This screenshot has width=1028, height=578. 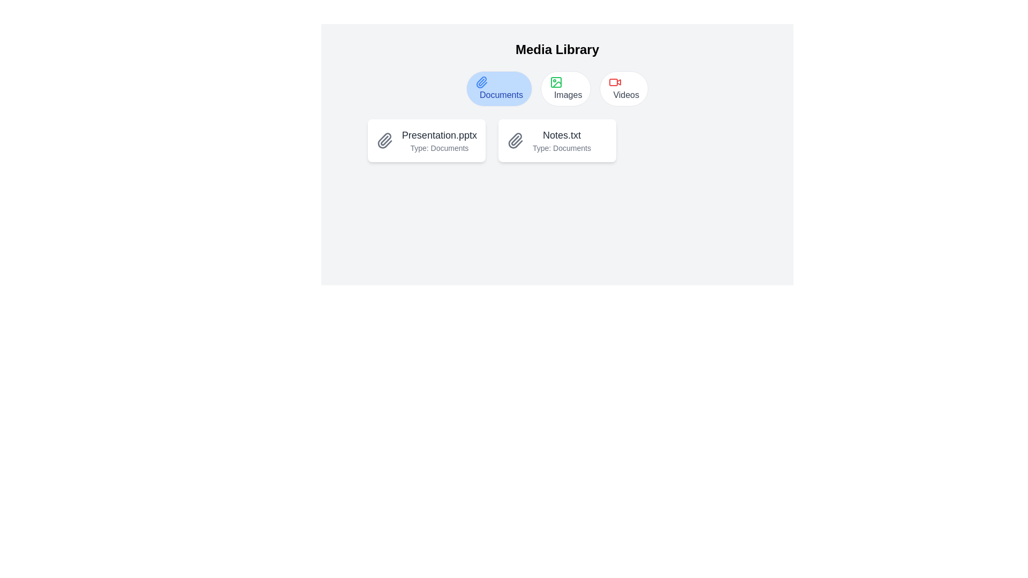 I want to click on the gray paperclip icon located on the left side of the 'Notes.txt' tile, which is part of the second rectangular card in the horizontal row, so click(x=515, y=140).